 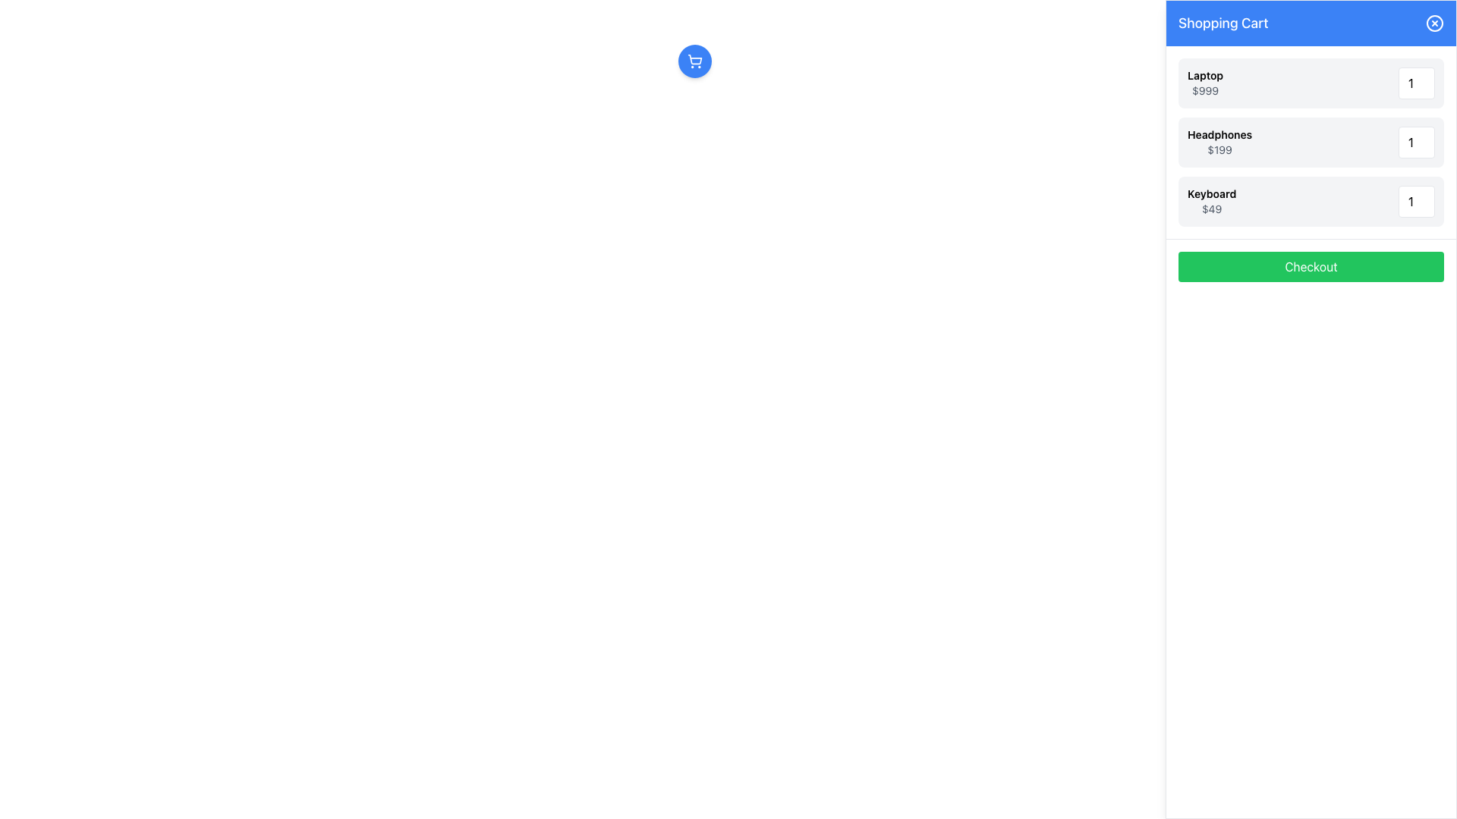 I want to click on the input box on the 'Laptop' item in the 'Shopping Cart' section, so click(x=1311, y=83).